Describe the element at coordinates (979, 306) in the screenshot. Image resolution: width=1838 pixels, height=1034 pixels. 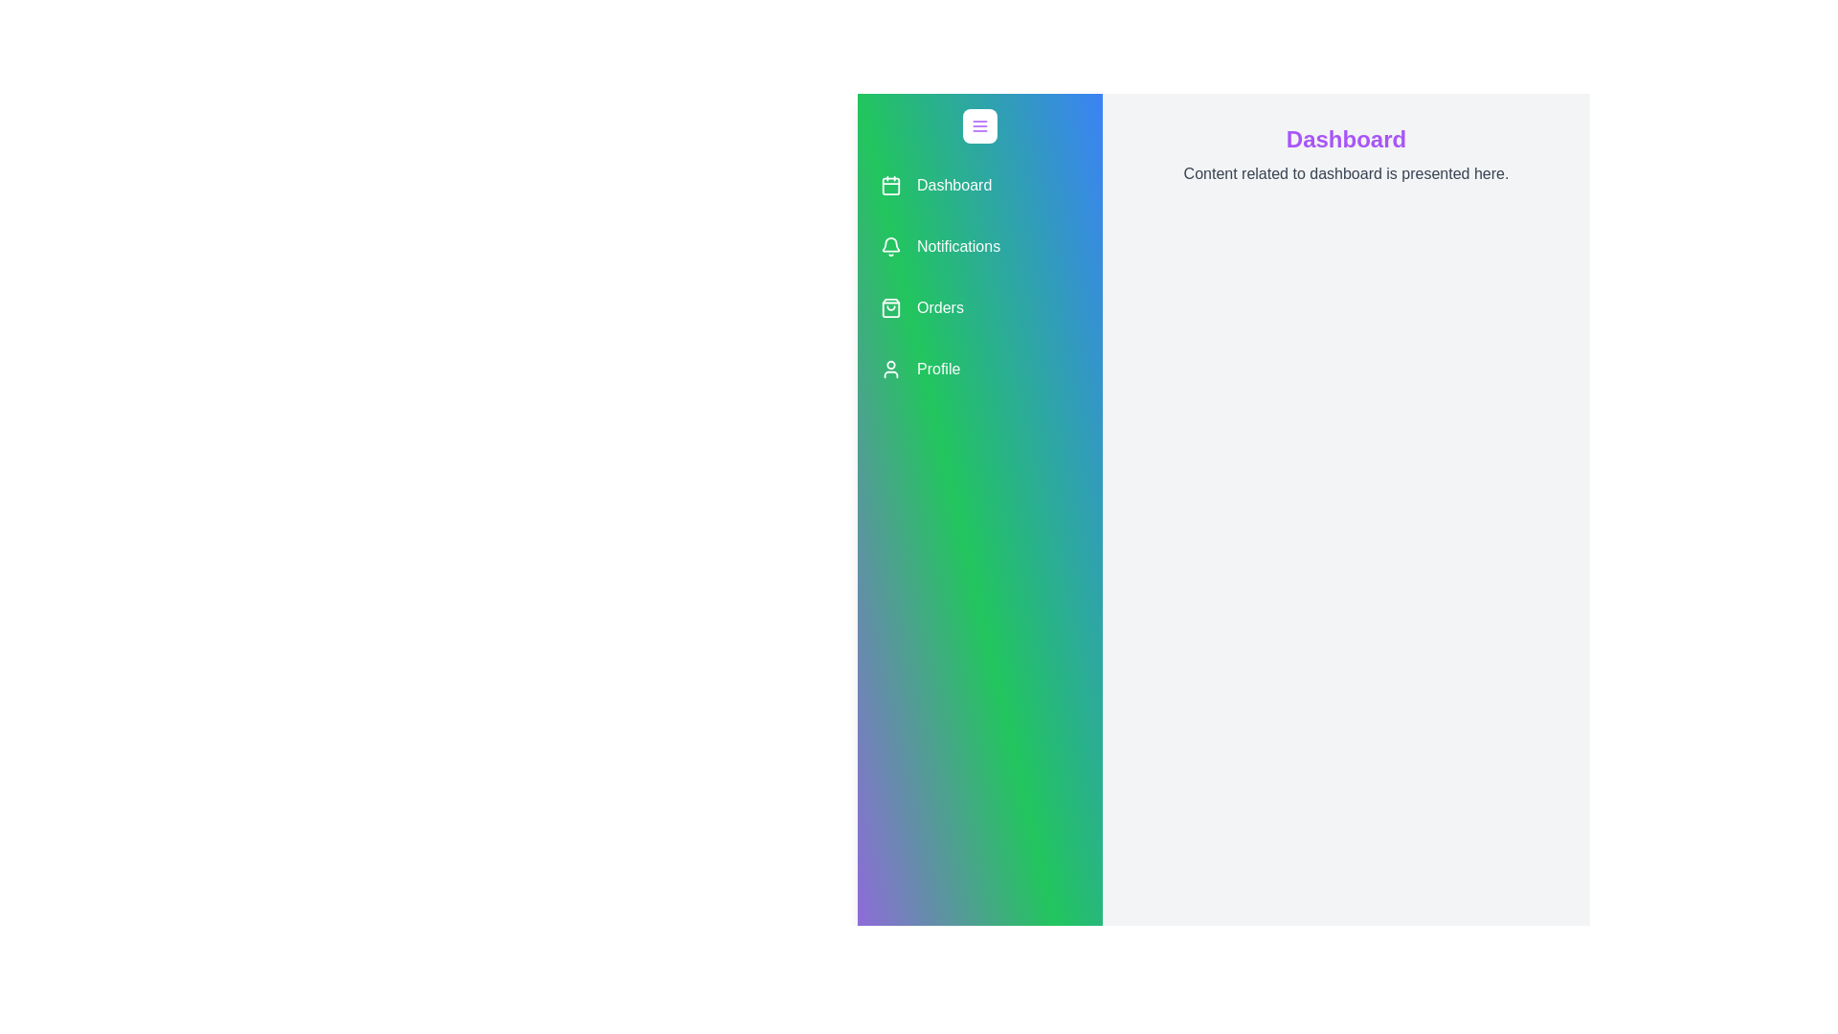
I see `the menu item labeled 'Orders' to observe the hover effect` at that location.